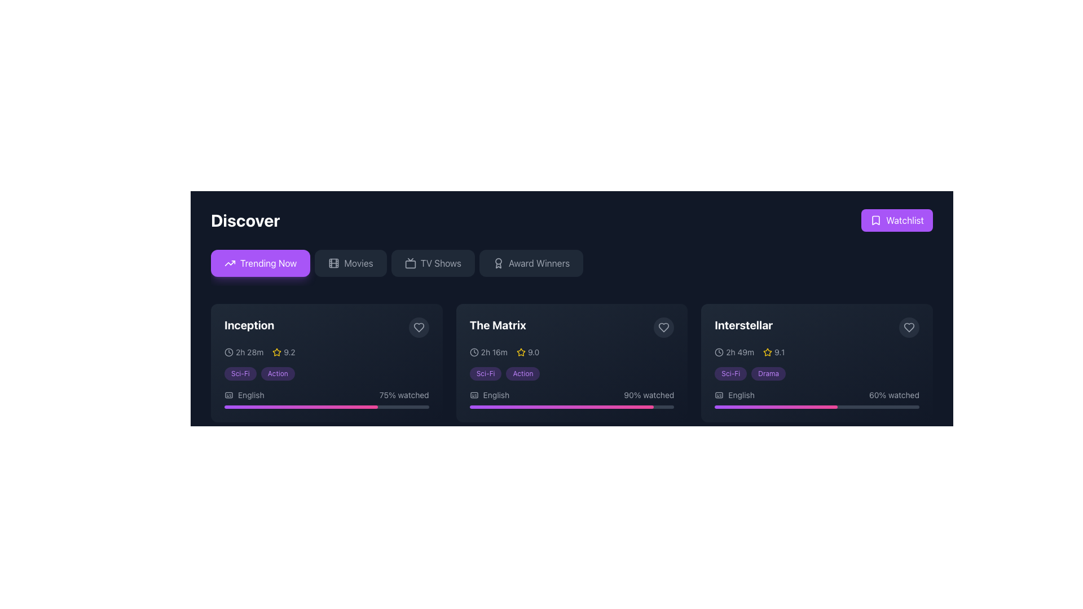 This screenshot has width=1083, height=609. What do you see at coordinates (243, 351) in the screenshot?
I see `the Label with icon indicating the duration of the movie 'Inception', located in the first card under the 'Discover' section, to the left of the rating '9.2'` at bounding box center [243, 351].